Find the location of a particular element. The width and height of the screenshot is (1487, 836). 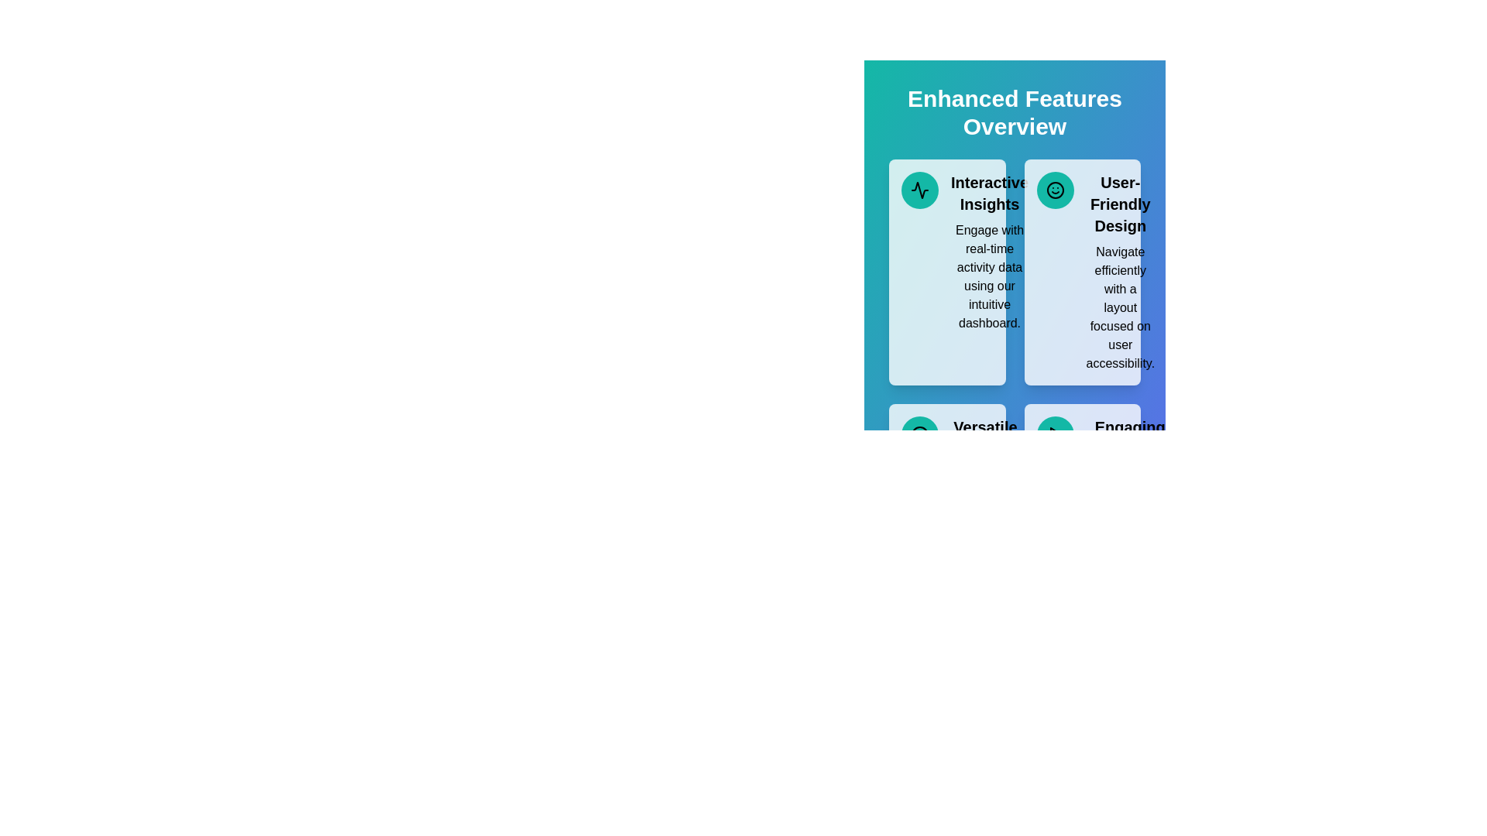

the 'Versatile Elements' Card, which is positioned in the second row and first column of a two-column grid layout, below 'Interactive Insights' and to the left of 'Engaging Interactions' is located at coordinates (946, 496).